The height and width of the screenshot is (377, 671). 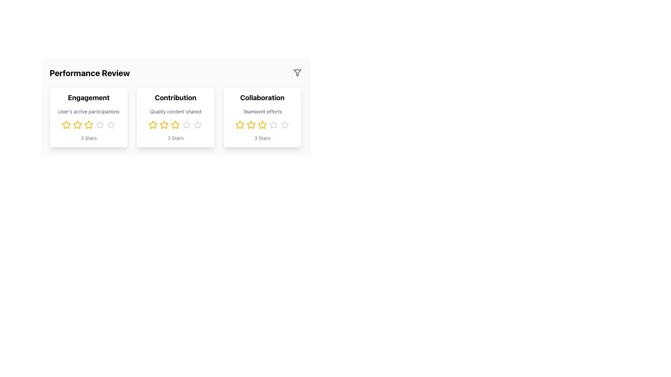 I want to click on the third star in the five-star rating system under the 'Contribution' card to interact with it, so click(x=175, y=125).